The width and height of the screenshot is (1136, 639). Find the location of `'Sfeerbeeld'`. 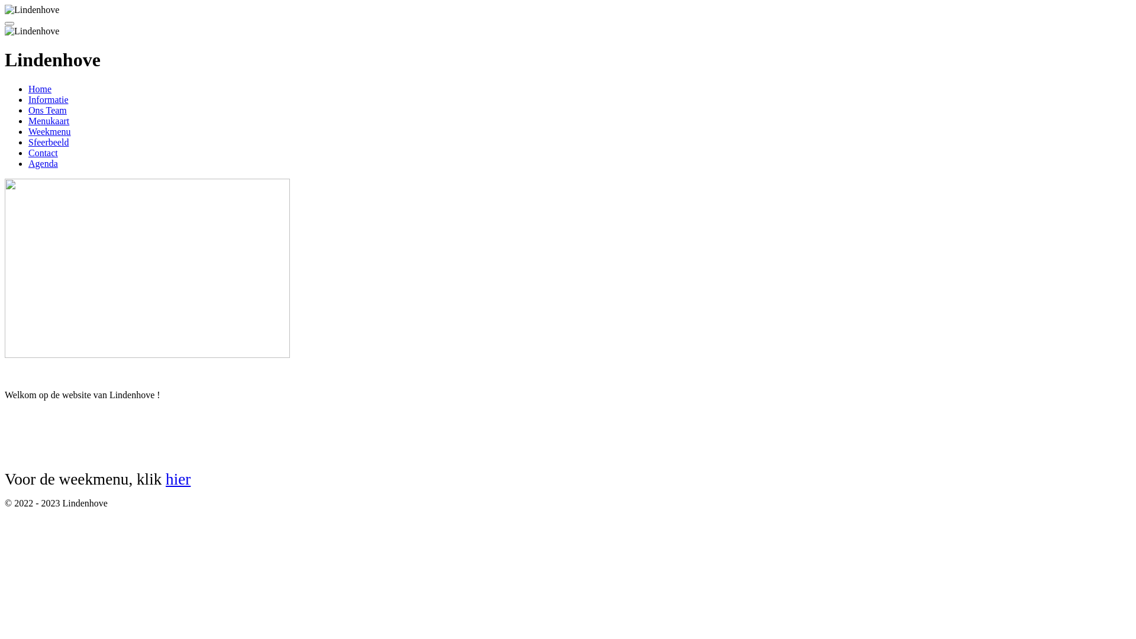

'Sfeerbeeld' is located at coordinates (47, 141).